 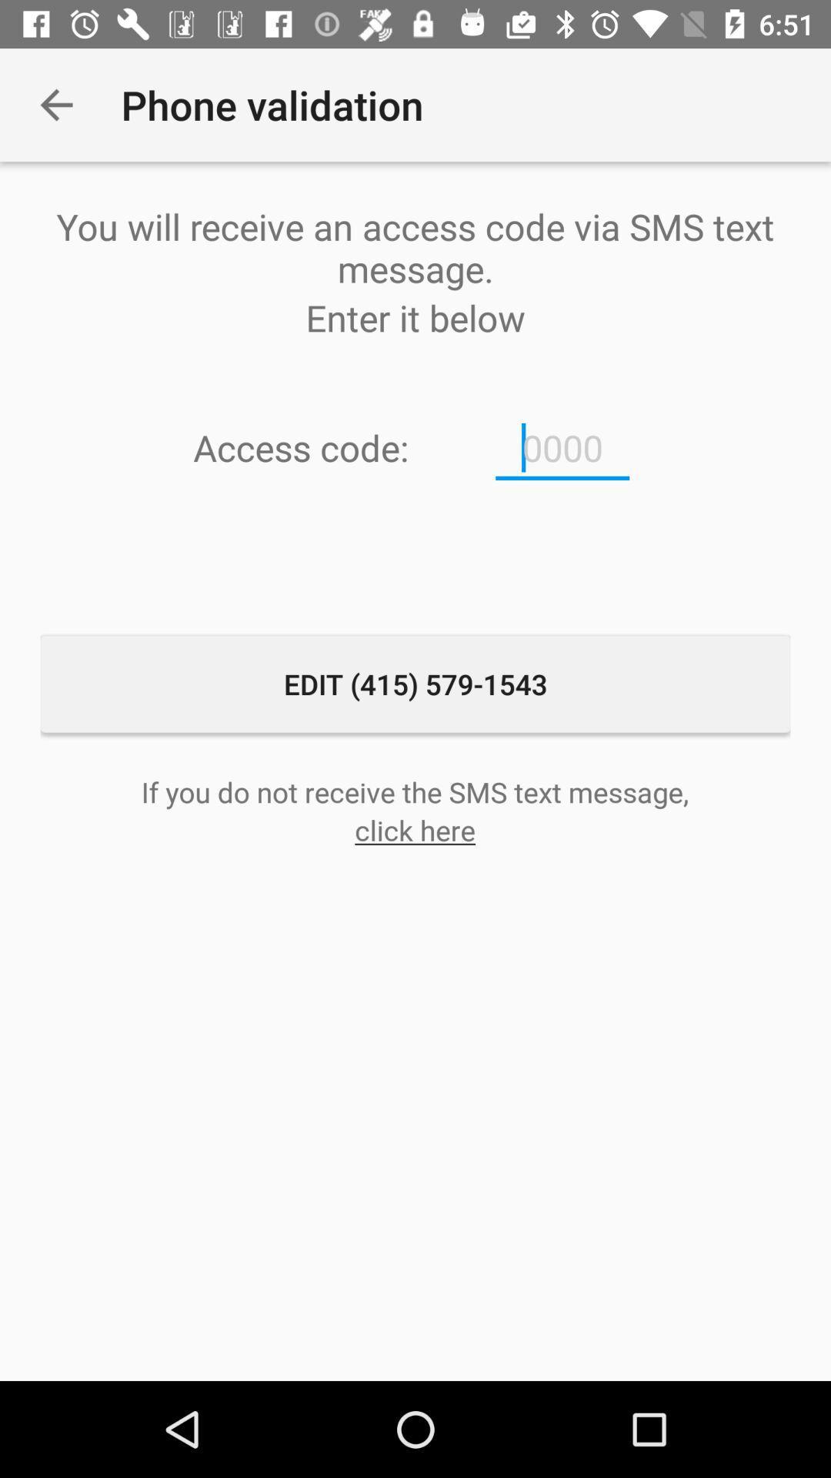 I want to click on icon next to access code: item, so click(x=562, y=447).